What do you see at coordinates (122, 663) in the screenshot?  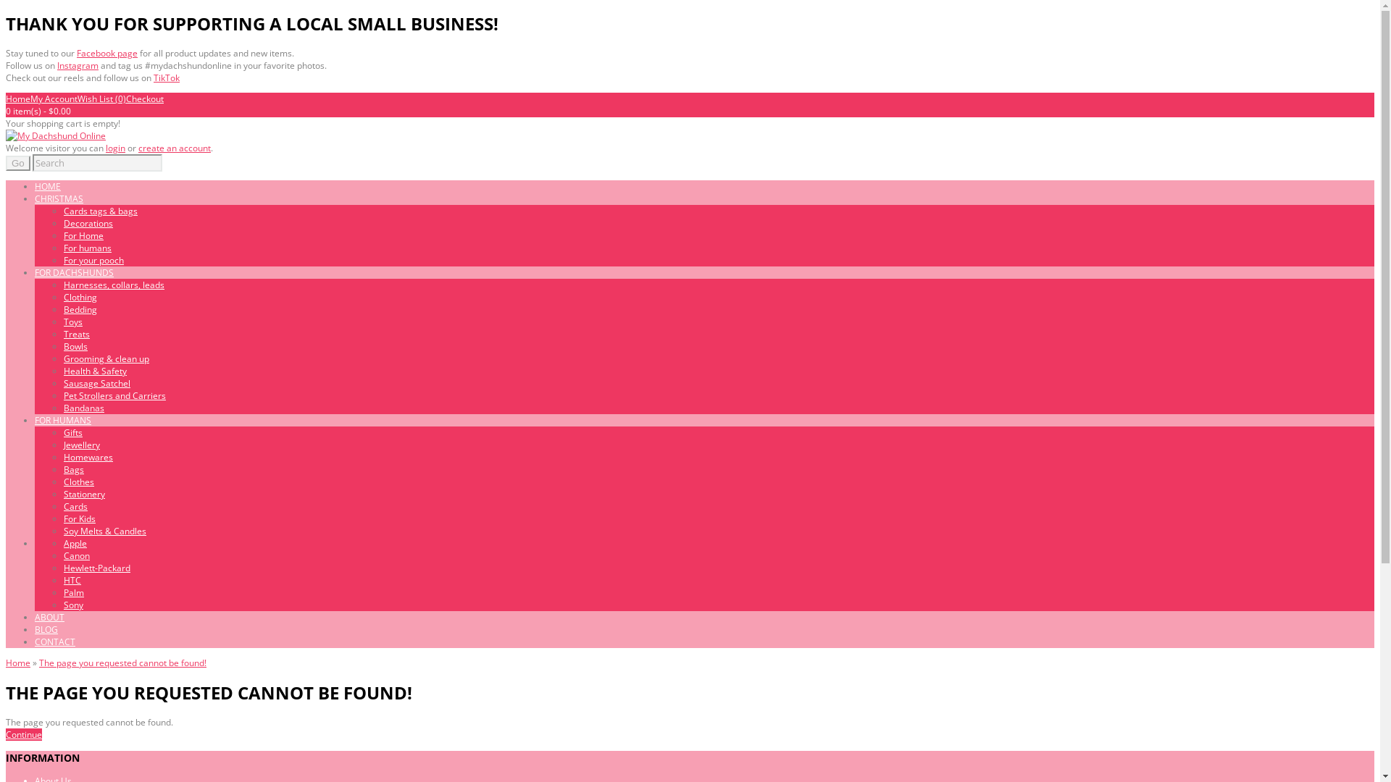 I see `'The page you requested cannot be found!'` at bounding box center [122, 663].